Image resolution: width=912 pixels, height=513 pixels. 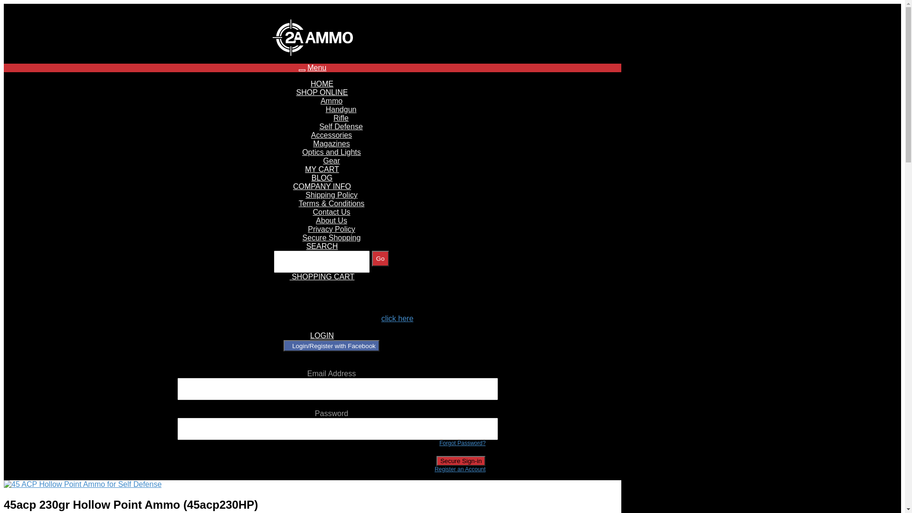 I want to click on 'Menu', so click(x=317, y=67).